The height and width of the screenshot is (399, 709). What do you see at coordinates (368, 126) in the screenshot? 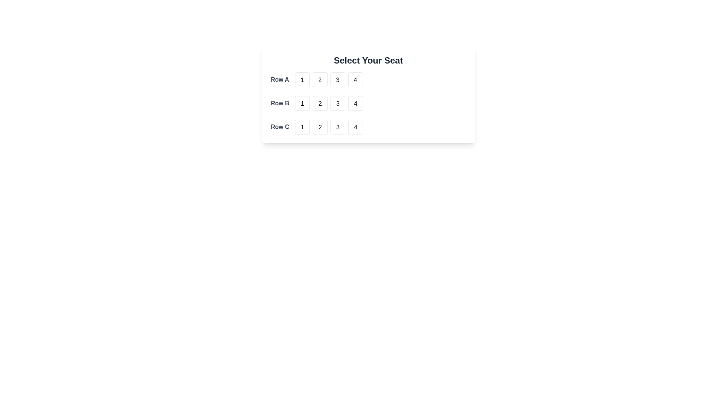
I see `one of the buttons in 'Row C', which contains buttons numbered 1 to 4, located centrally in the interface` at bounding box center [368, 126].